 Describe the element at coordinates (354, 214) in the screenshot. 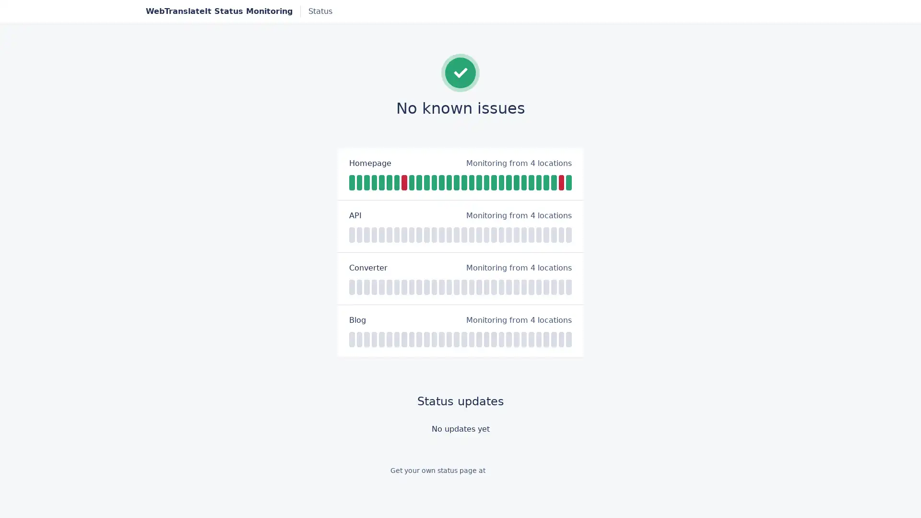

I see `API` at that location.